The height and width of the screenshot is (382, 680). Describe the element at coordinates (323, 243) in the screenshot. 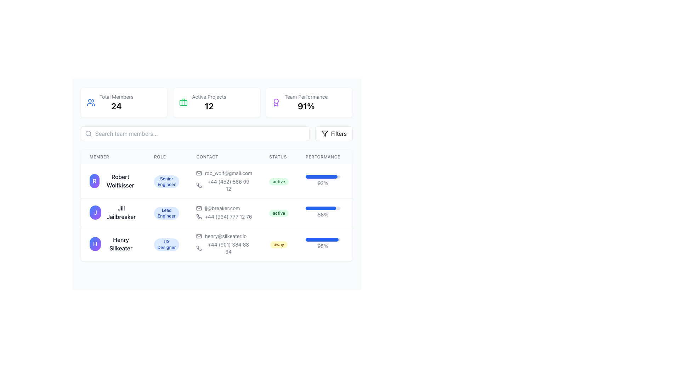

I see `the progress bar indicating 95% completion in the 'Performance' section for 'Henry Silkeater'` at that location.